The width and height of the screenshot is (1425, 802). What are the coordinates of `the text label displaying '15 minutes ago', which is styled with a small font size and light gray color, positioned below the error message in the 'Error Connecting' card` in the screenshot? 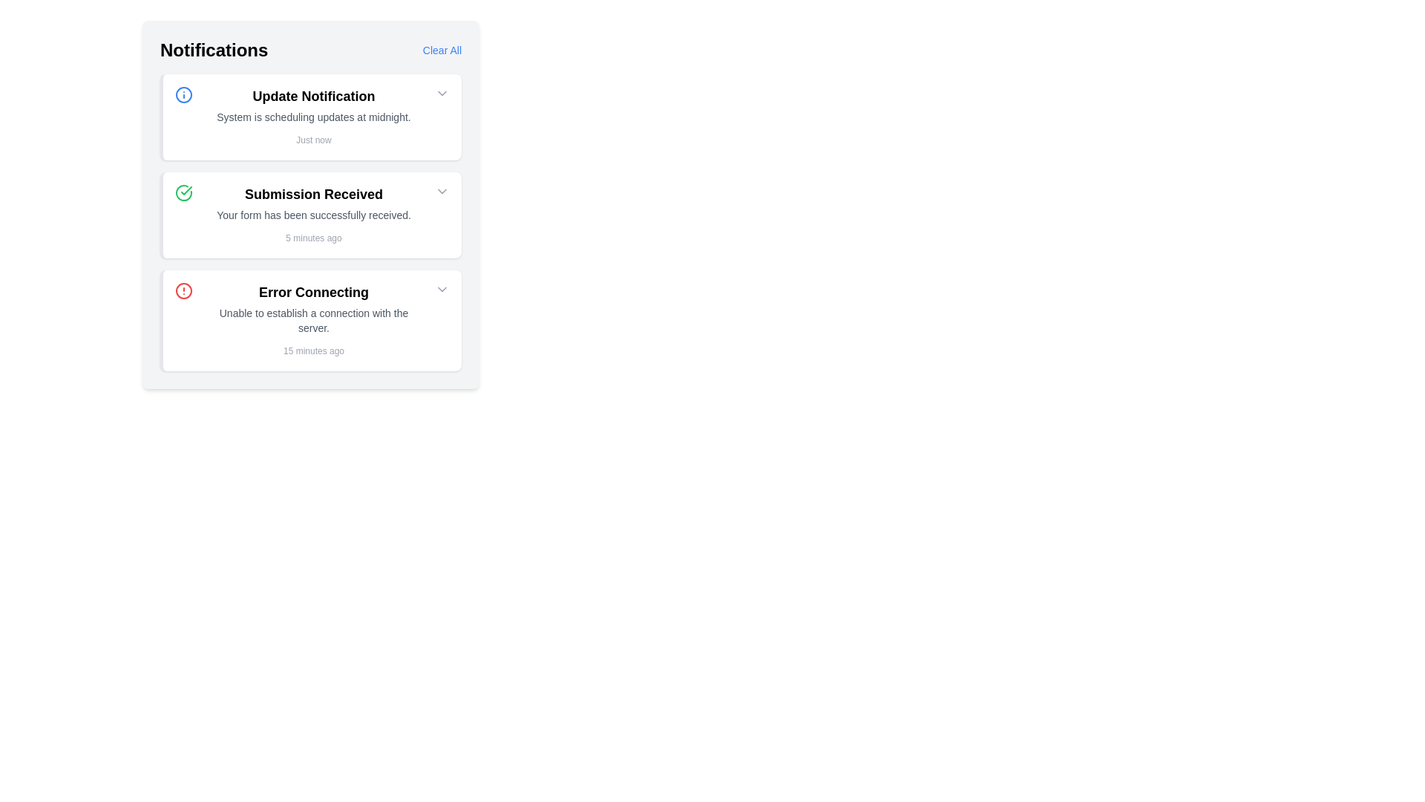 It's located at (312, 351).